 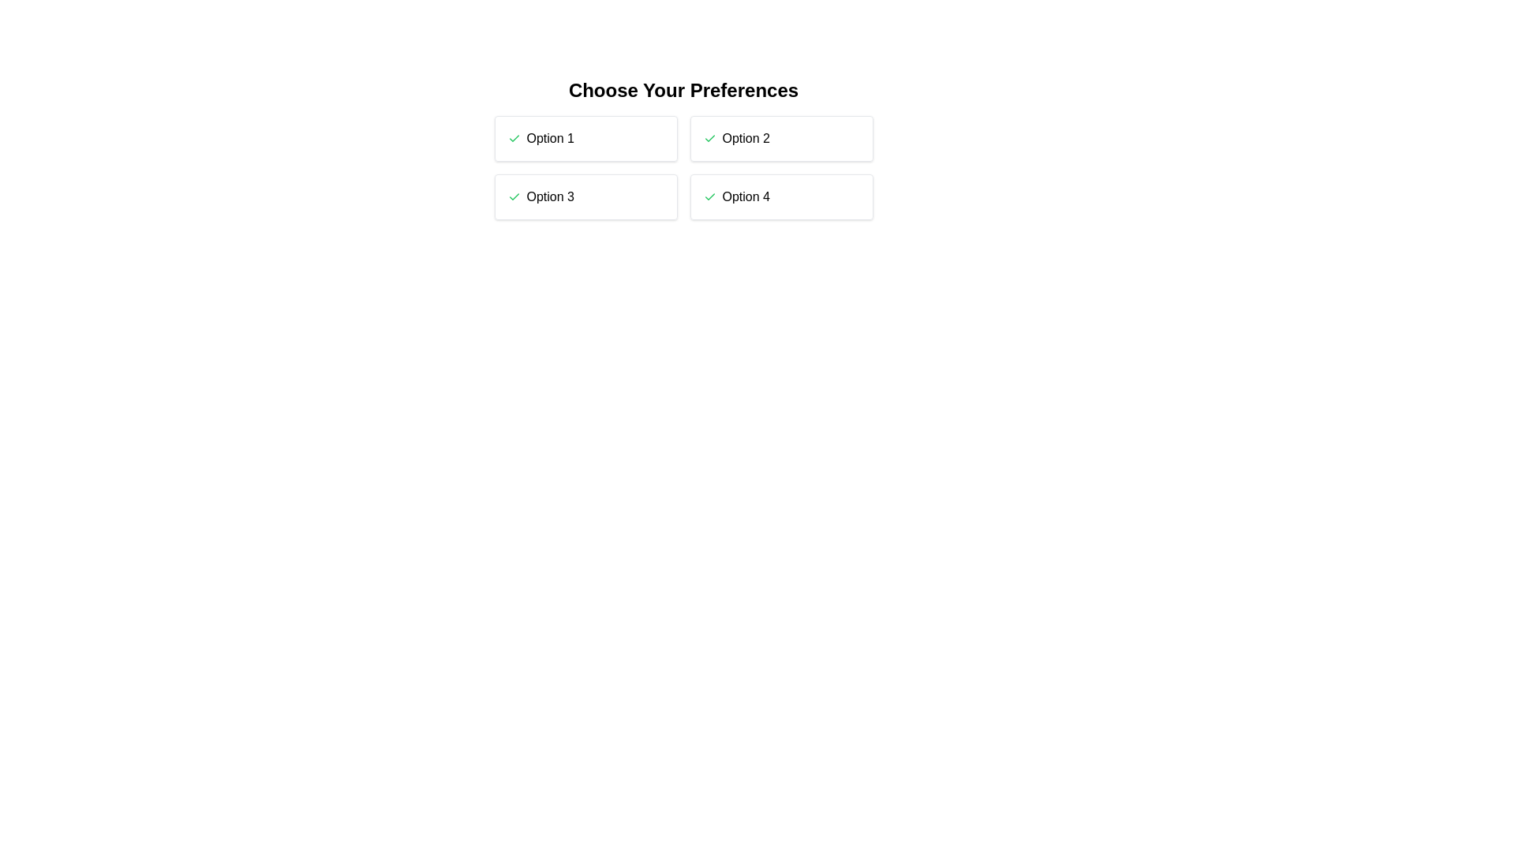 I want to click on the option 1 to observe the hover effect, so click(x=585, y=138).